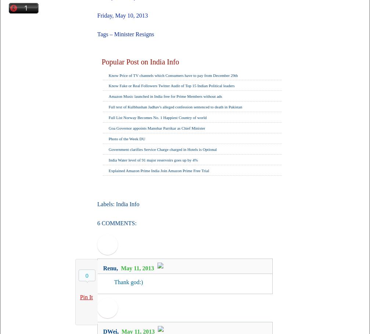 Image resolution: width=370 pixels, height=334 pixels. Describe the element at coordinates (109, 159) in the screenshot. I see `'India Water level of 91 major reservoirs goes up by 4%'` at that location.